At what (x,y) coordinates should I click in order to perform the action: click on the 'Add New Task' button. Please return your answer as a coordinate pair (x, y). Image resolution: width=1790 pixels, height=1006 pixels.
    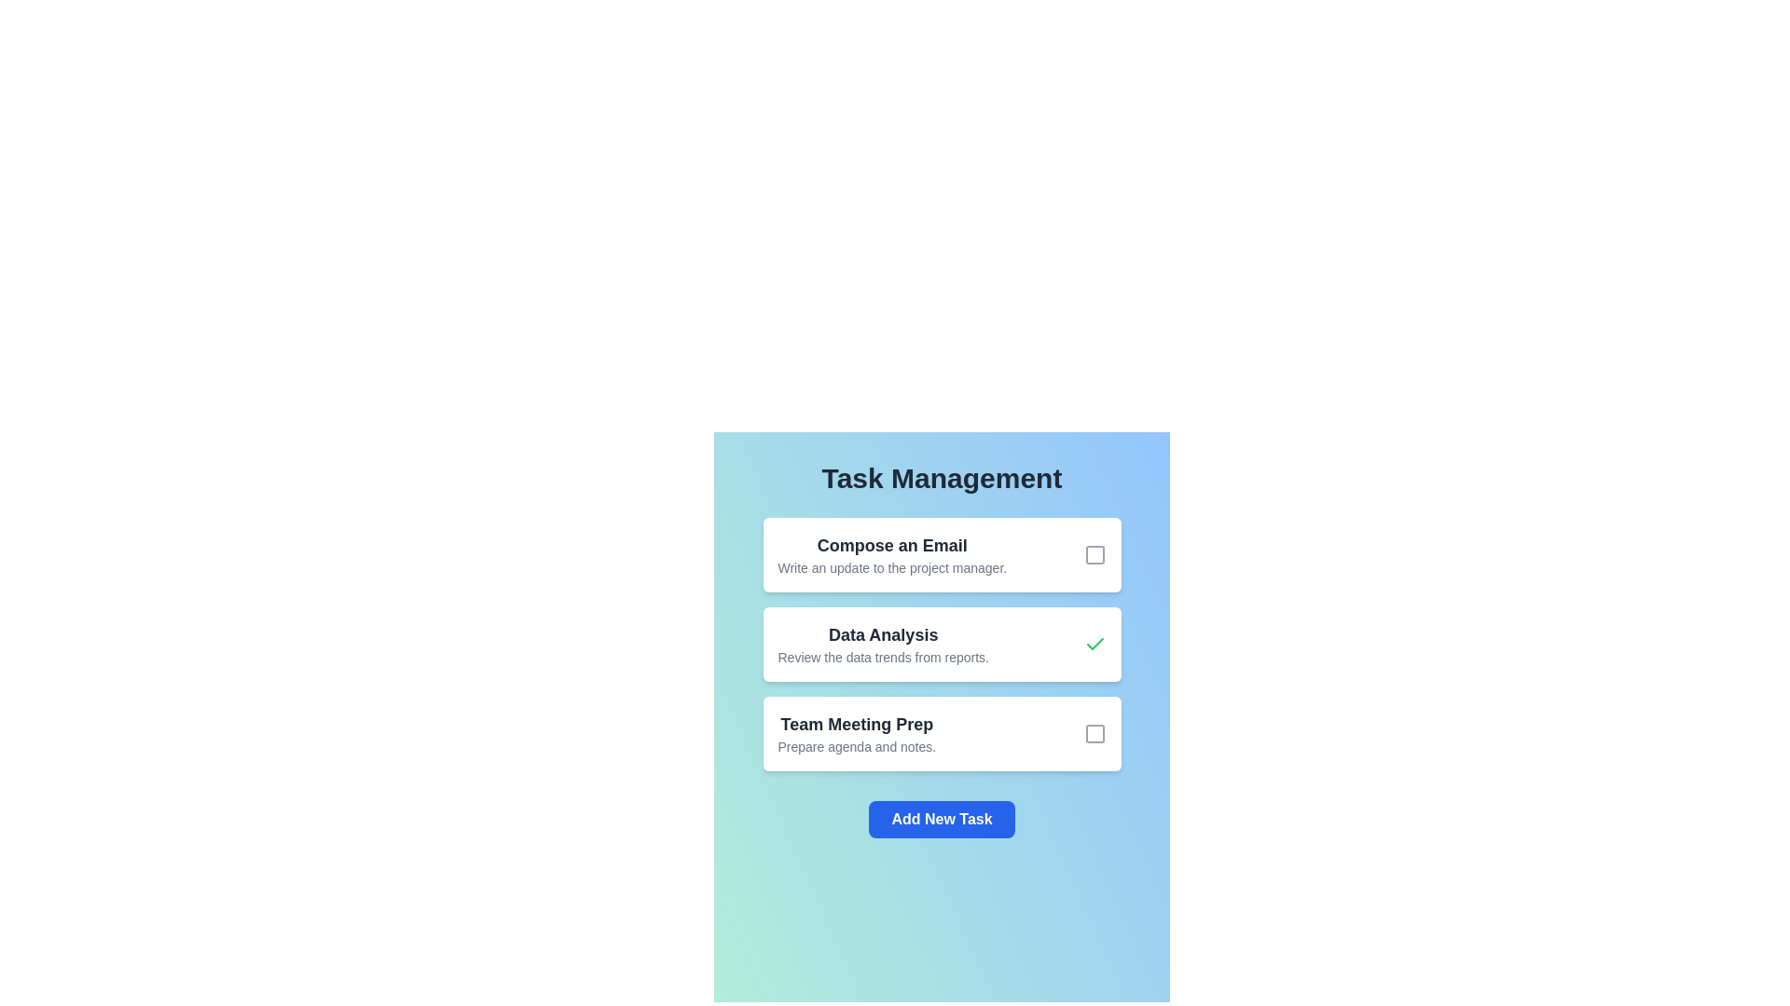
    Looking at the image, I should click on (942, 818).